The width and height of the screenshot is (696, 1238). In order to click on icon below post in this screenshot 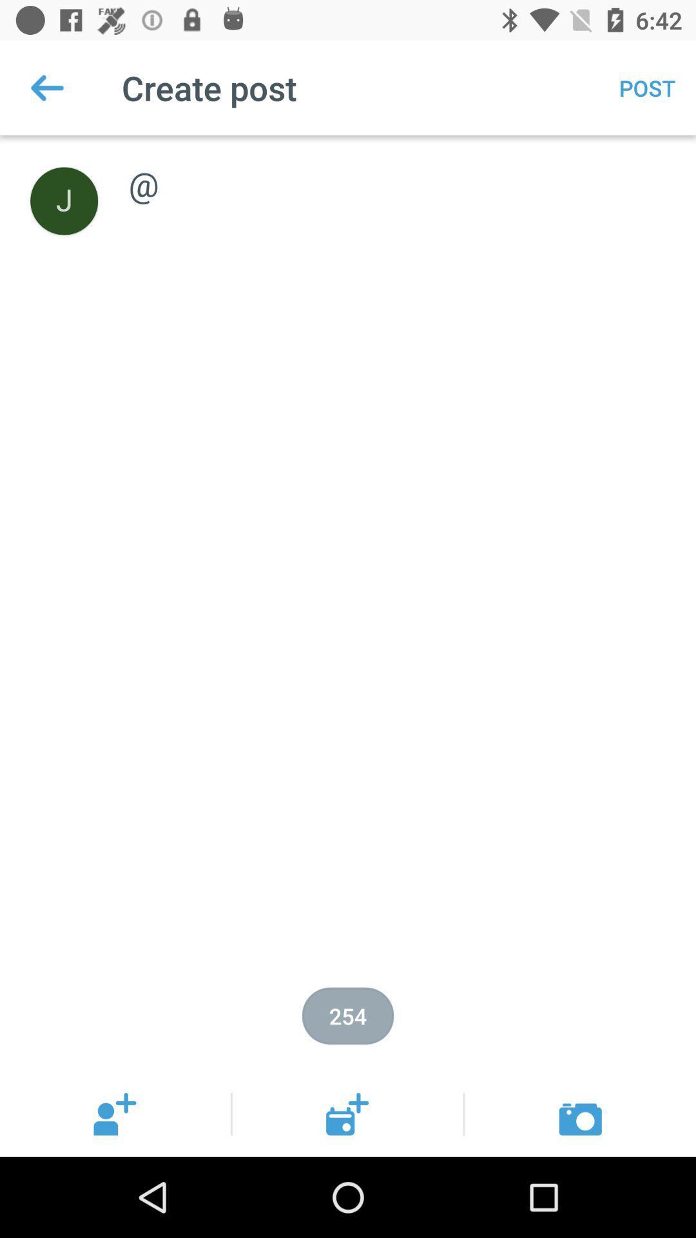, I will do `click(398, 170)`.